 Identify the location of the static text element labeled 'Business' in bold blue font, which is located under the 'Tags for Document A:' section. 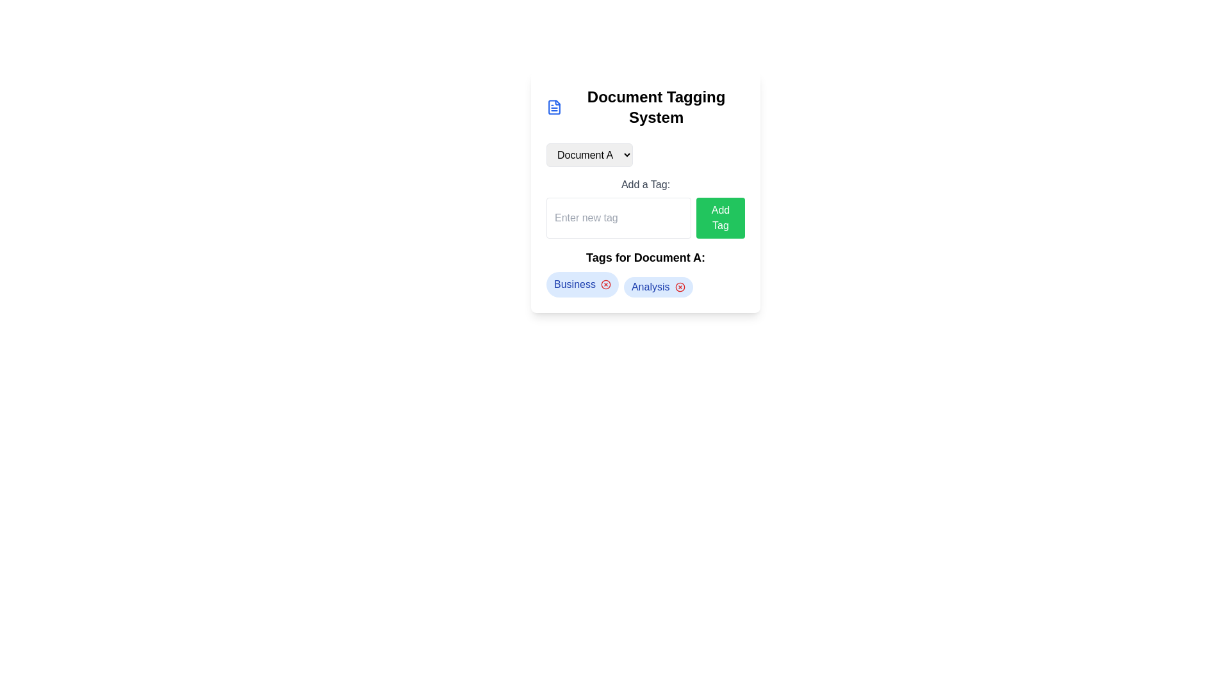
(574, 283).